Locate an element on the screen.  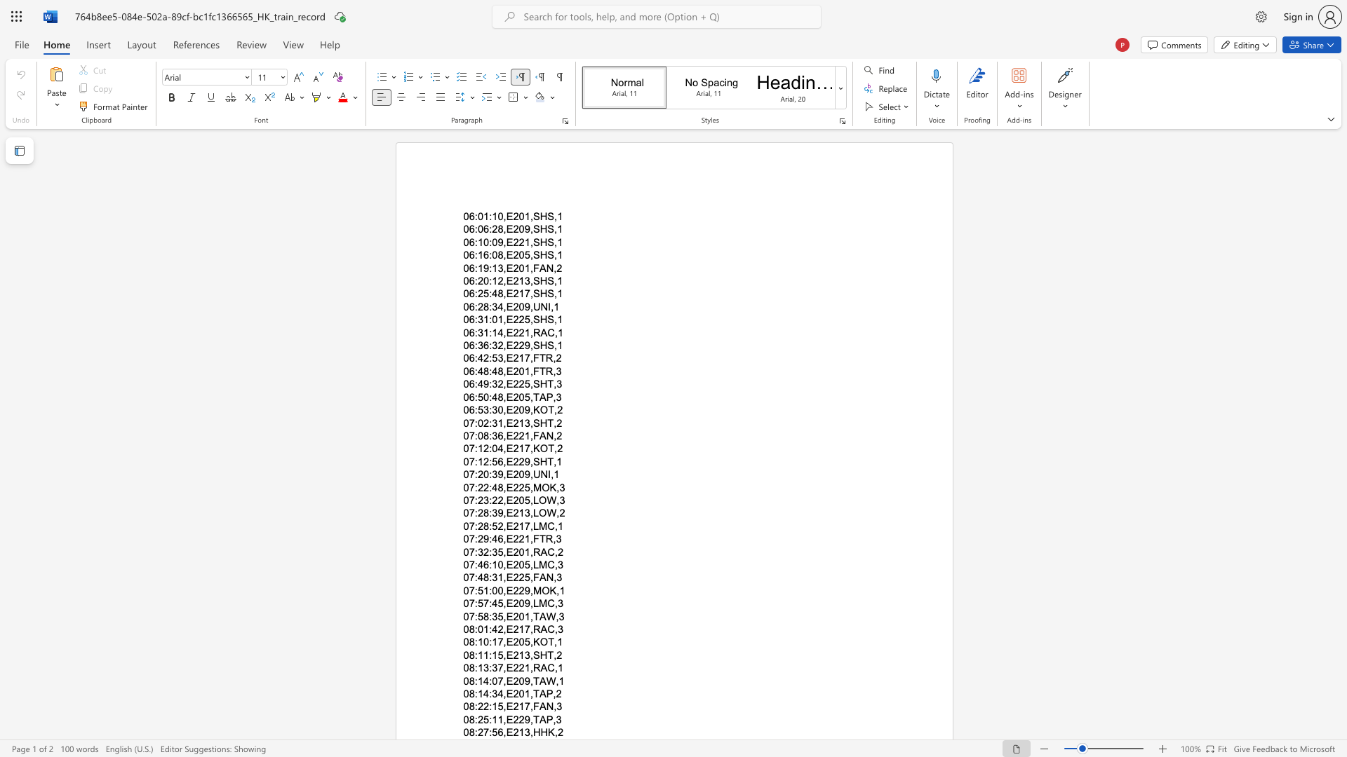
the subset text ",E" within the text "07:51:00,E229,MOK,1" is located at coordinates (503, 590).